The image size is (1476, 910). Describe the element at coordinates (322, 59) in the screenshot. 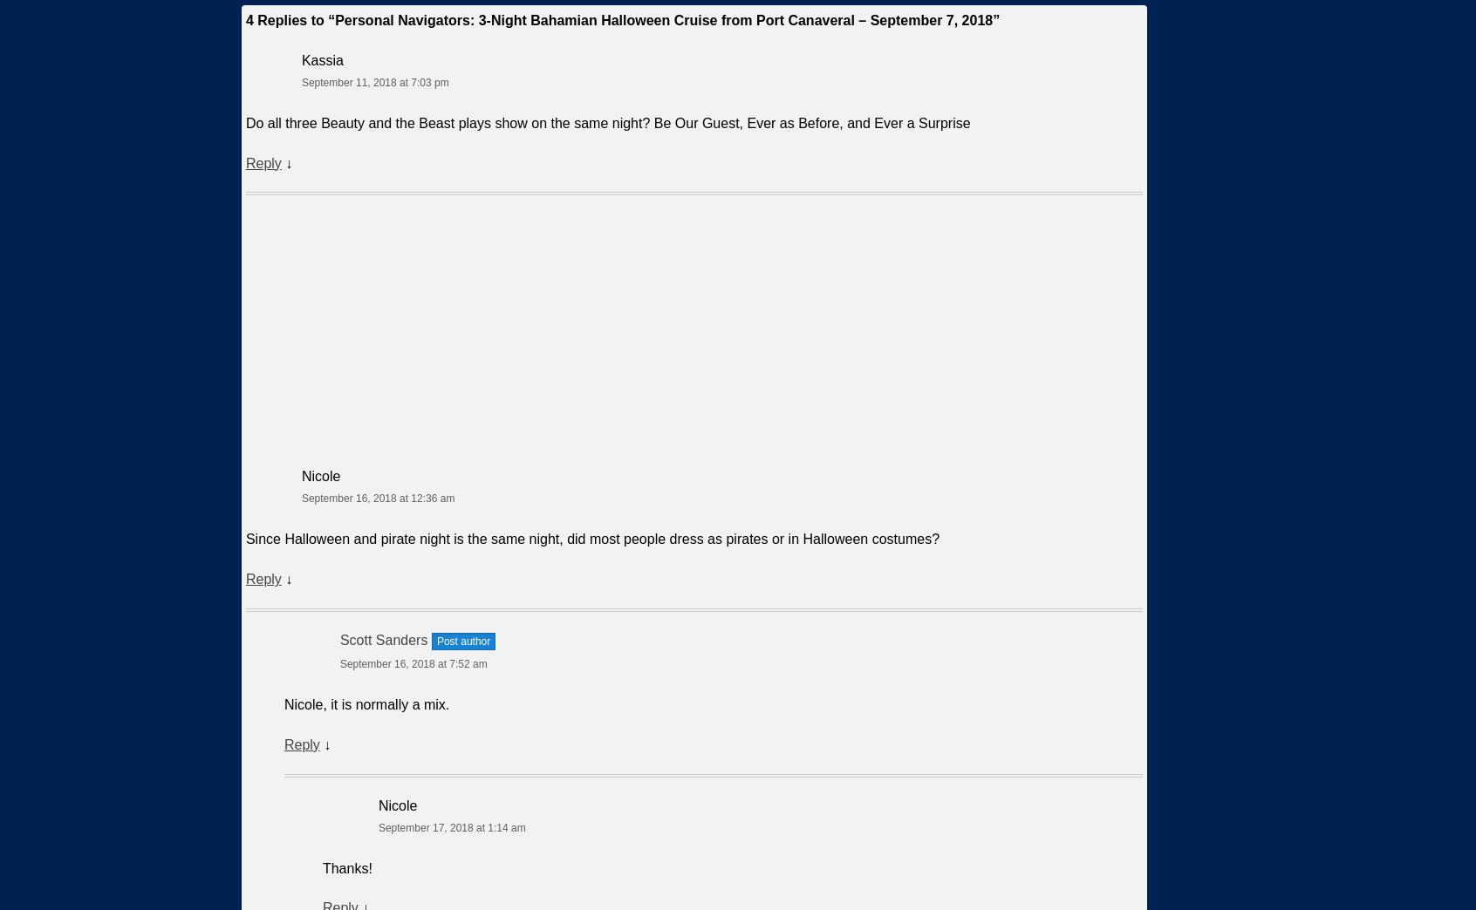

I see `'Kassia'` at that location.